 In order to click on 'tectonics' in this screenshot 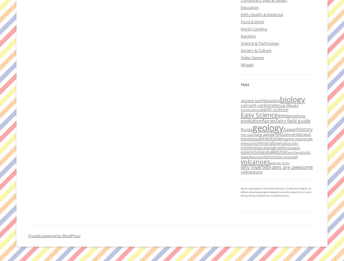, I will do `click(272, 156)`.